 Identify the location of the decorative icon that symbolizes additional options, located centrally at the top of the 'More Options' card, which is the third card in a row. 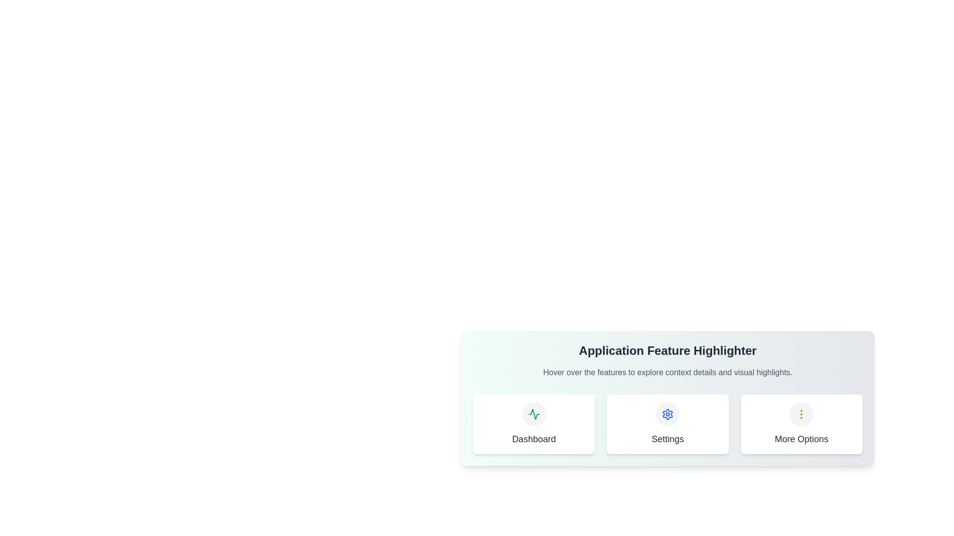
(801, 414).